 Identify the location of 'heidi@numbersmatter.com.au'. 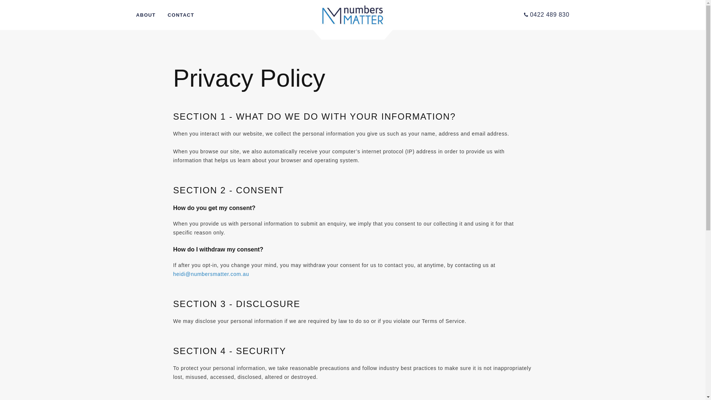
(211, 274).